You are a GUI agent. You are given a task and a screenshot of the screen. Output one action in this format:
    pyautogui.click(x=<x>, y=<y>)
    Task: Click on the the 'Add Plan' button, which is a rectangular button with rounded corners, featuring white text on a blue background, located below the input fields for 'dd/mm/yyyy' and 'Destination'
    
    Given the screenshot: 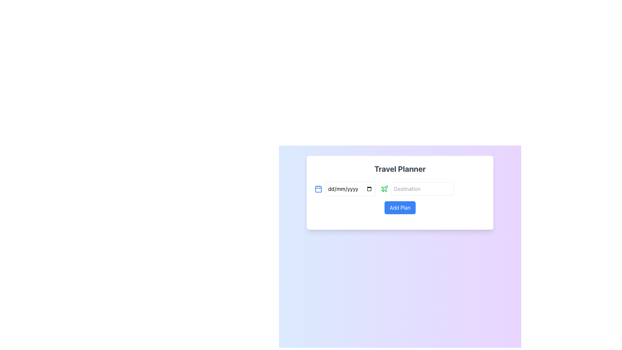 What is the action you would take?
    pyautogui.click(x=399, y=207)
    